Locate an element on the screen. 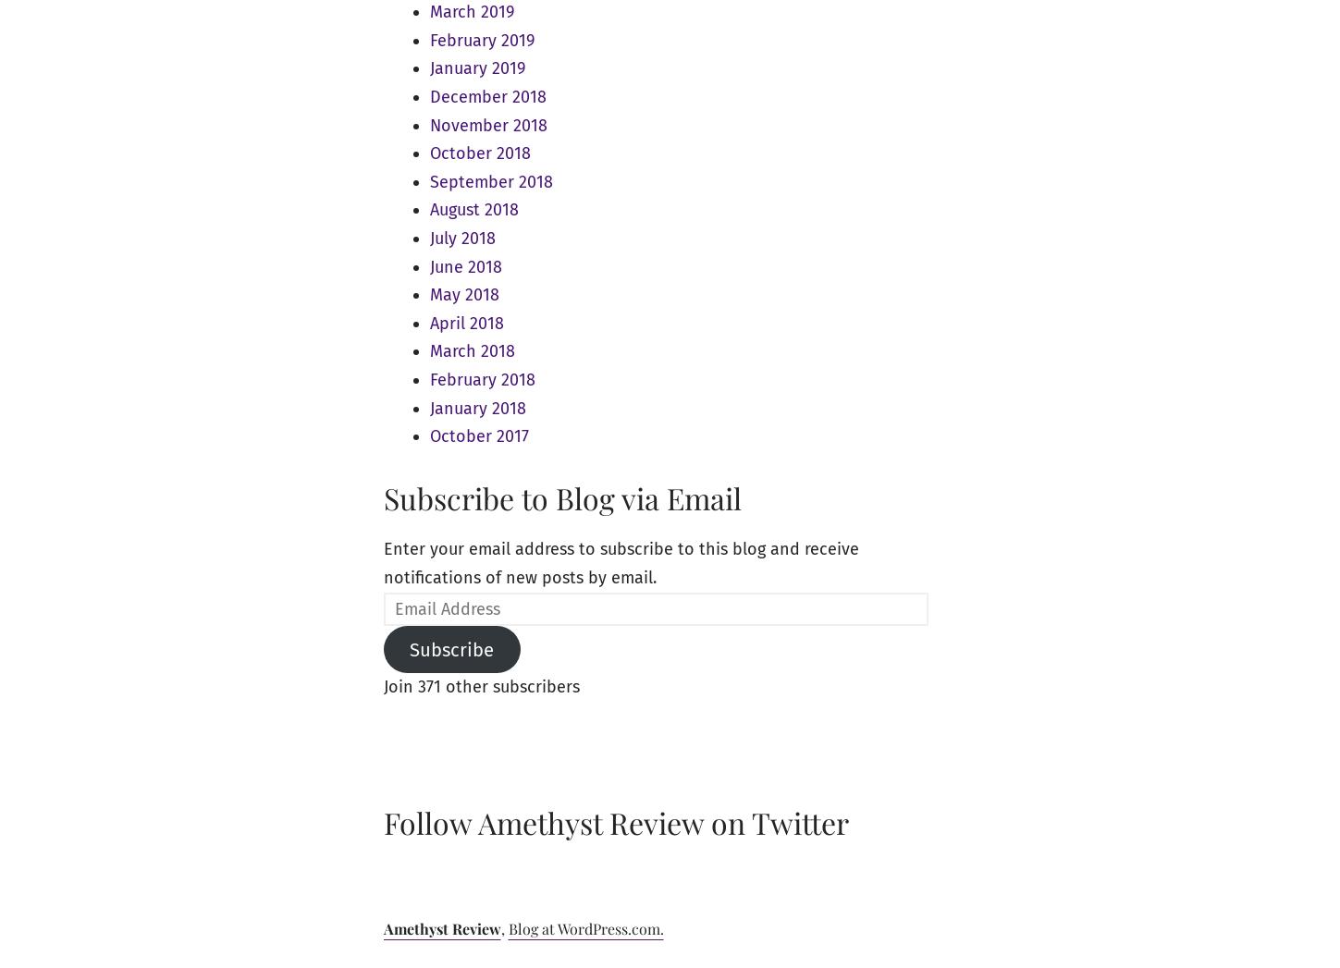 This screenshot has width=1340, height=968. 'March 2018' is located at coordinates (472, 350).